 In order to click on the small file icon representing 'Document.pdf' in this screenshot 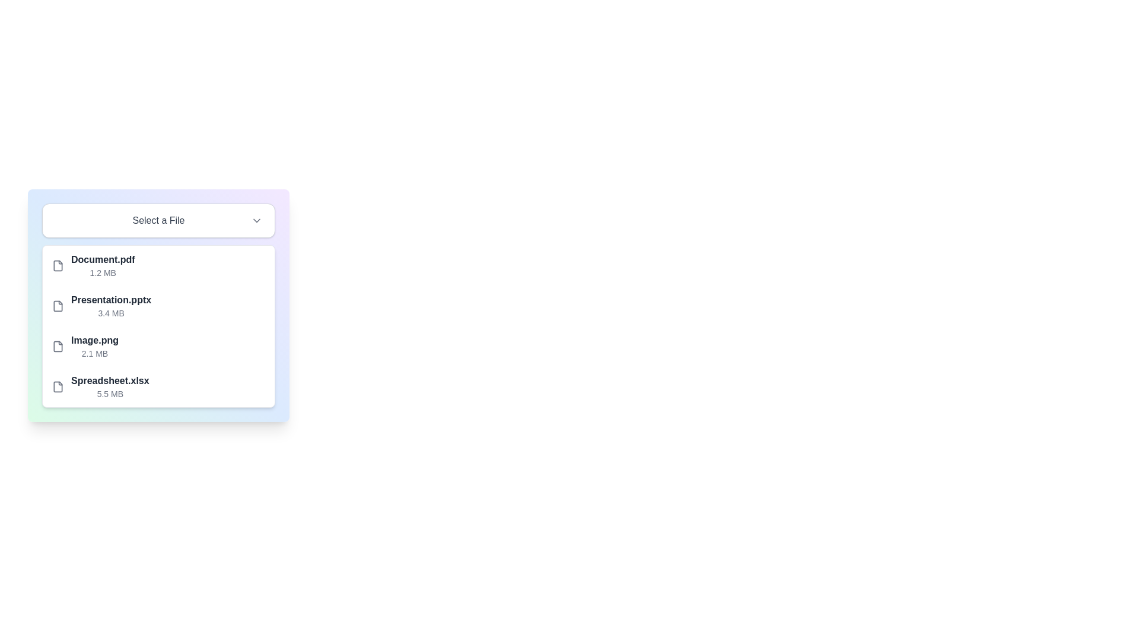, I will do `click(57, 265)`.